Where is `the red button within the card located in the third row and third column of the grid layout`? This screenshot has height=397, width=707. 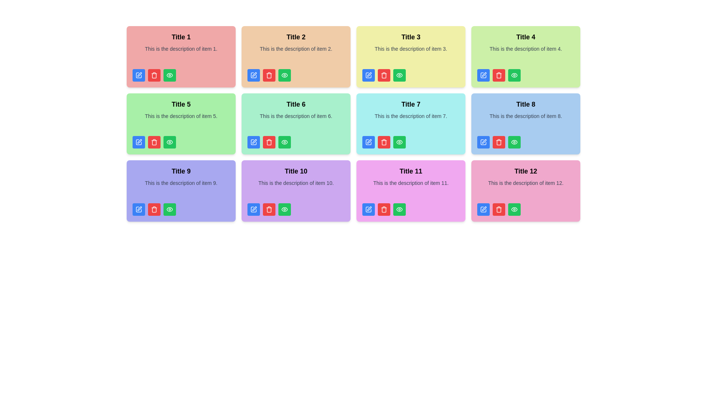 the red button within the card located in the third row and third column of the grid layout is located at coordinates (411, 123).